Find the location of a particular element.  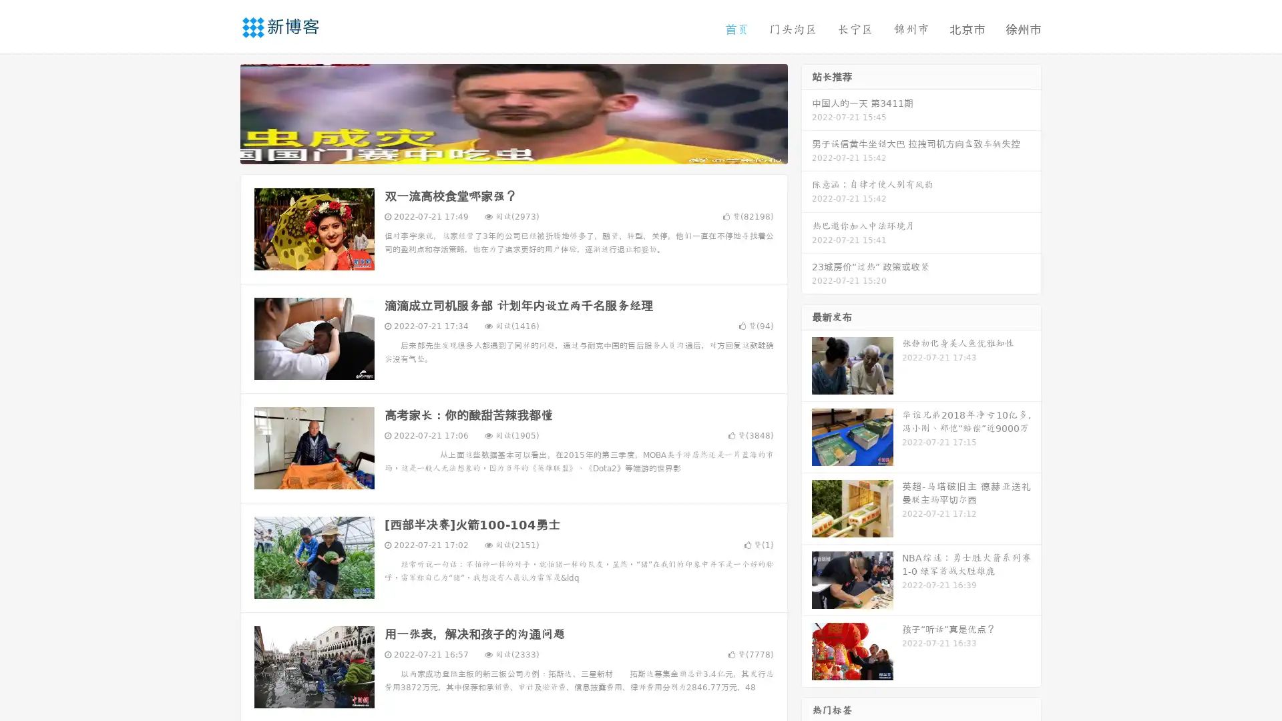

Go to slide 2 is located at coordinates (513, 150).